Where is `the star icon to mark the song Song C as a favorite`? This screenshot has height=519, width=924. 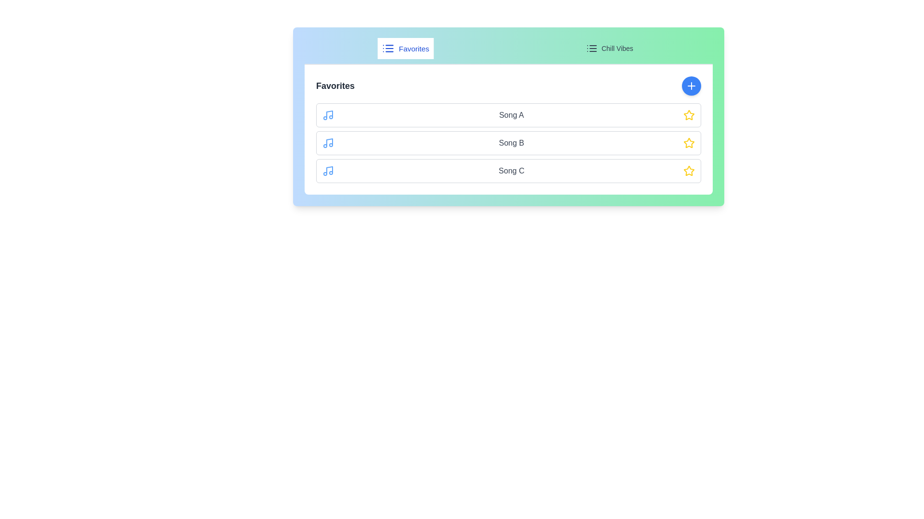
the star icon to mark the song Song C as a favorite is located at coordinates (688, 170).